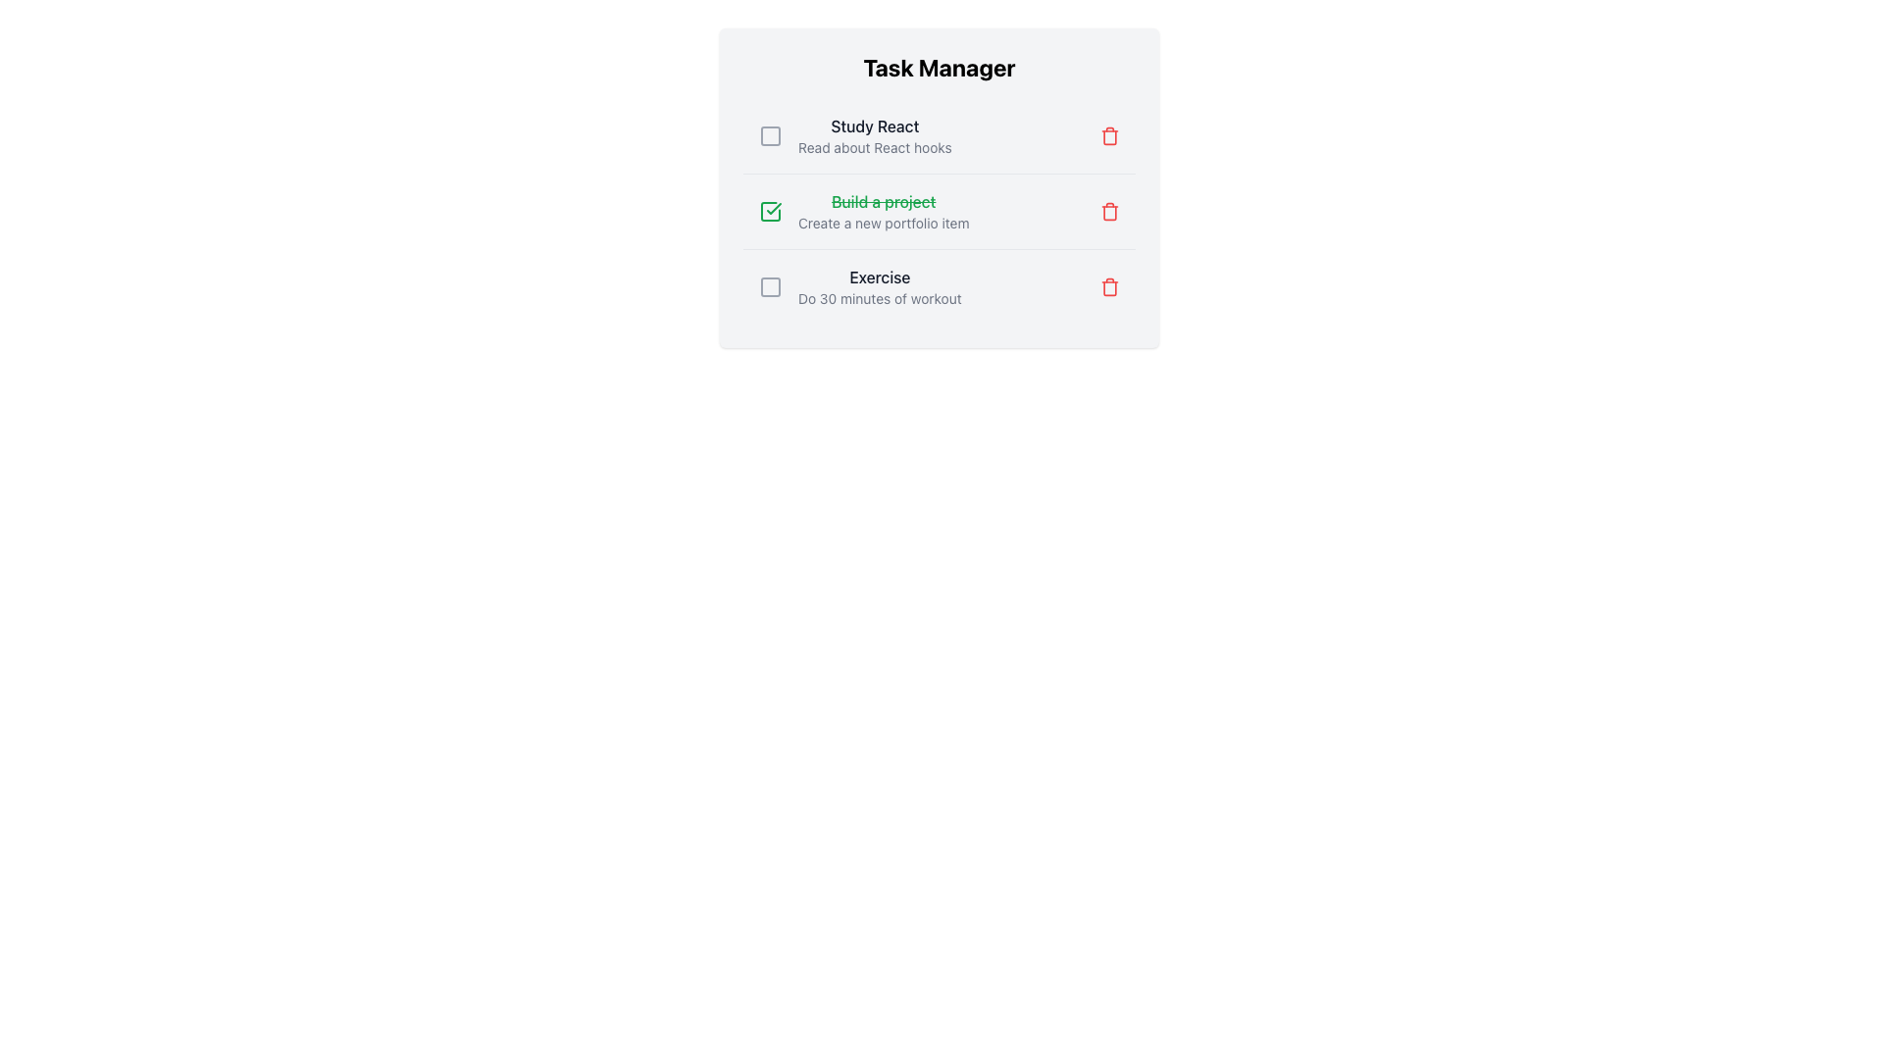  I want to click on the Delete icon button located in the third row of tasks, so click(1110, 287).